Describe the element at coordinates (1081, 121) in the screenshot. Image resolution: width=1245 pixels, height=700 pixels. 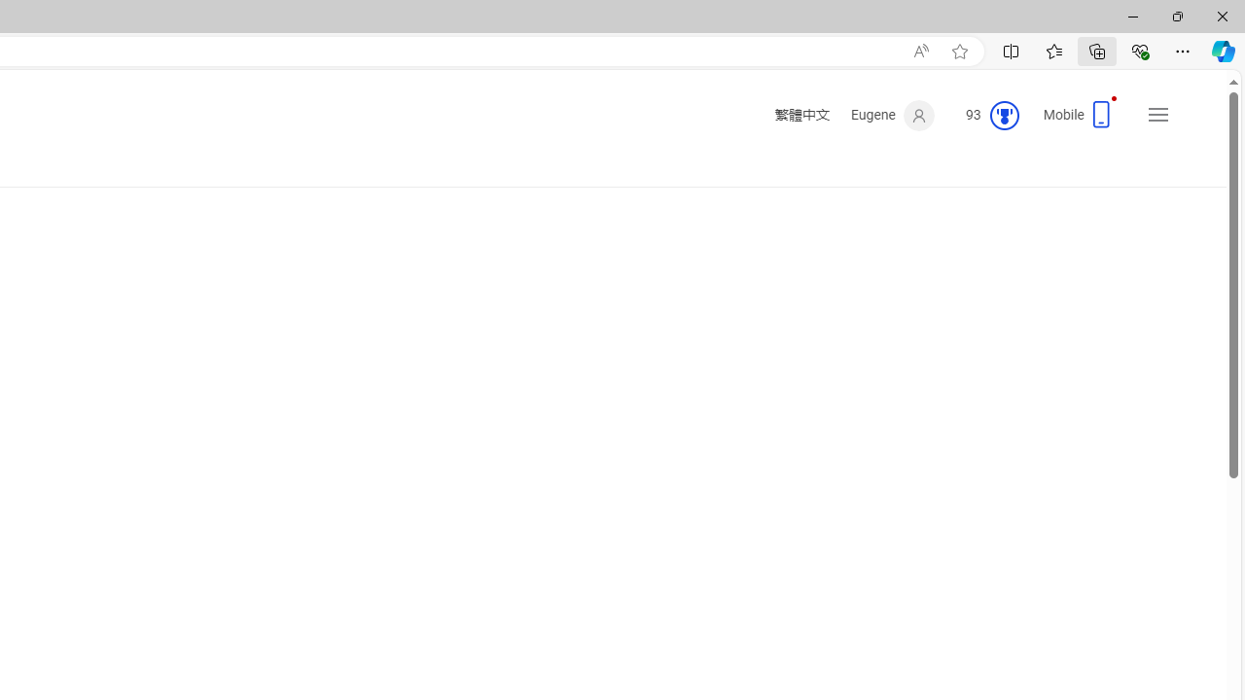
I see `'Mobile'` at that location.